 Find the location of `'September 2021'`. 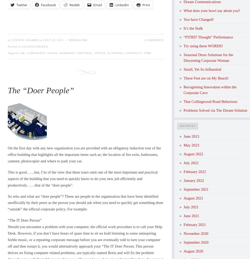

'September 2021' is located at coordinates (196, 189).